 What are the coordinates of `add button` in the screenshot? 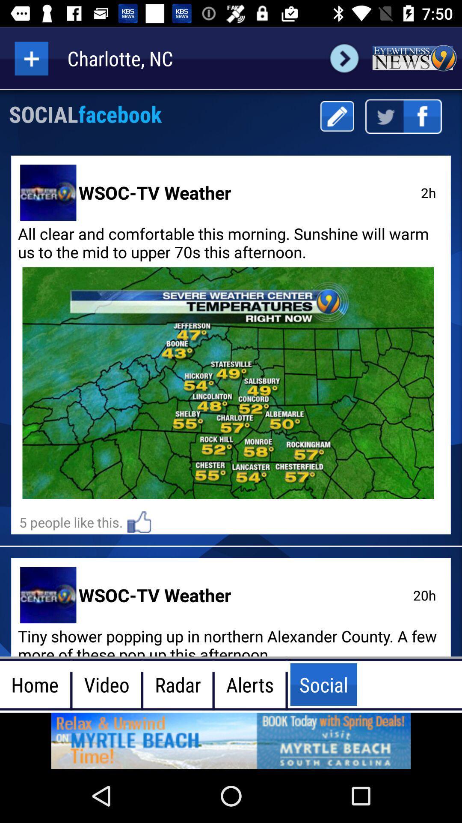 It's located at (31, 58).